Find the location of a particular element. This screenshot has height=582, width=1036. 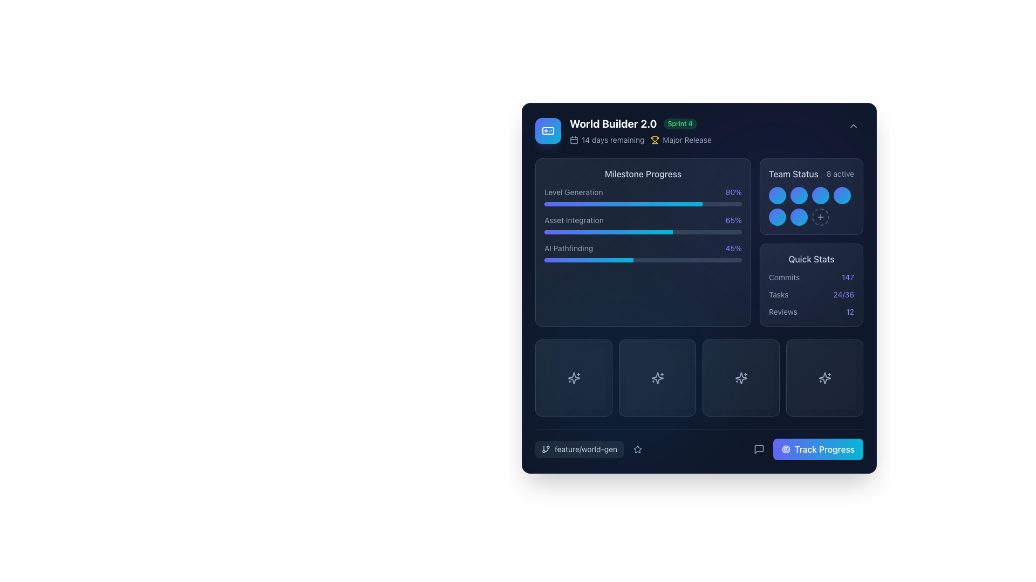

the 'Team Status' section of the Information Panel, which includes the interactive '+' button and blue circles indicating statuses is located at coordinates (811, 242).